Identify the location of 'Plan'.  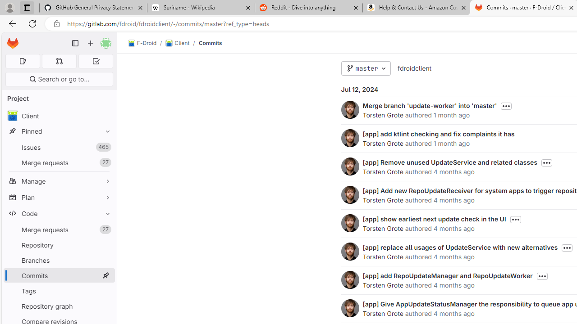
(59, 197).